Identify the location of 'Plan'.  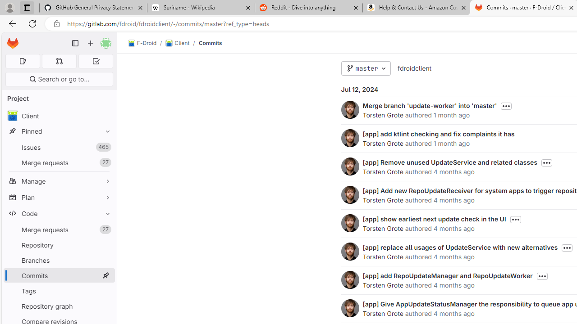
(59, 197).